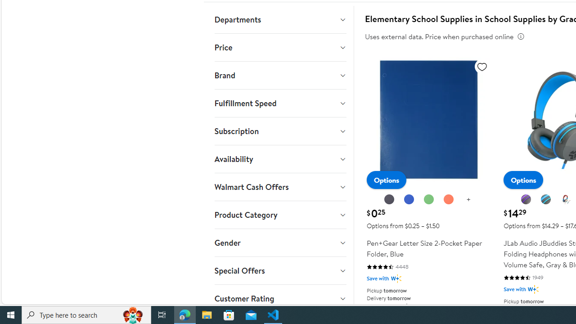  Describe the element at coordinates (565, 199) in the screenshot. I see `'Multicolor'` at that location.